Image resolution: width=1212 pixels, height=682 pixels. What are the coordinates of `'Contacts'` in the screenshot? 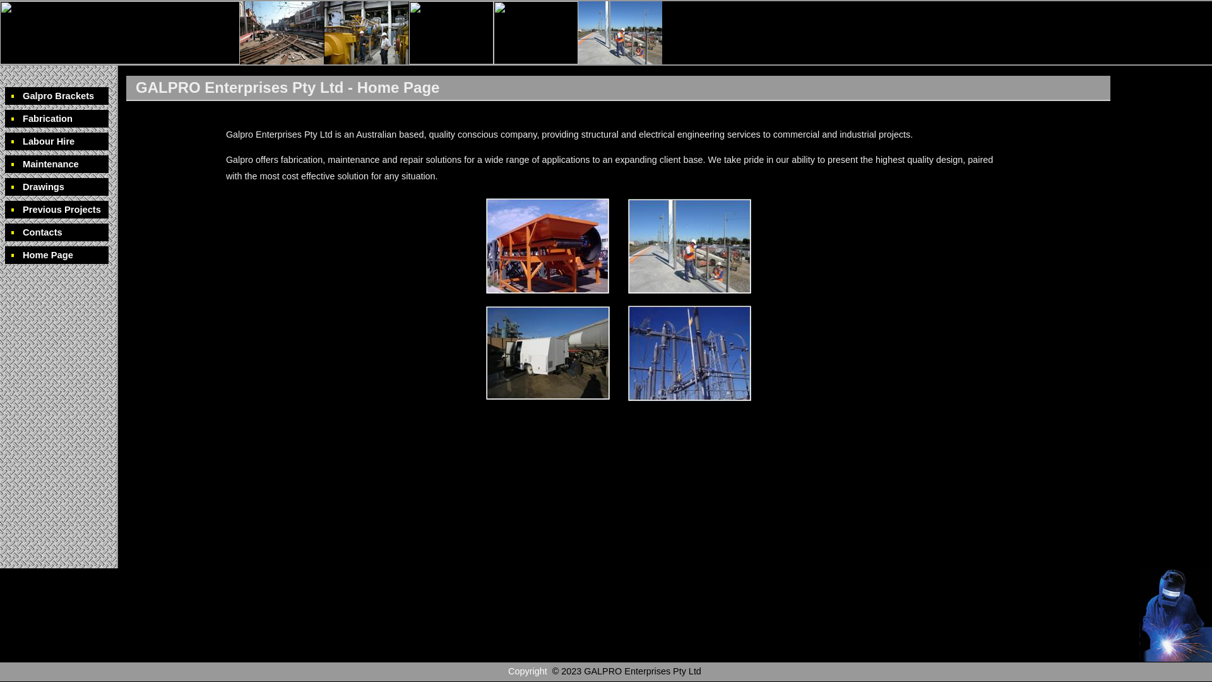 It's located at (5, 232).